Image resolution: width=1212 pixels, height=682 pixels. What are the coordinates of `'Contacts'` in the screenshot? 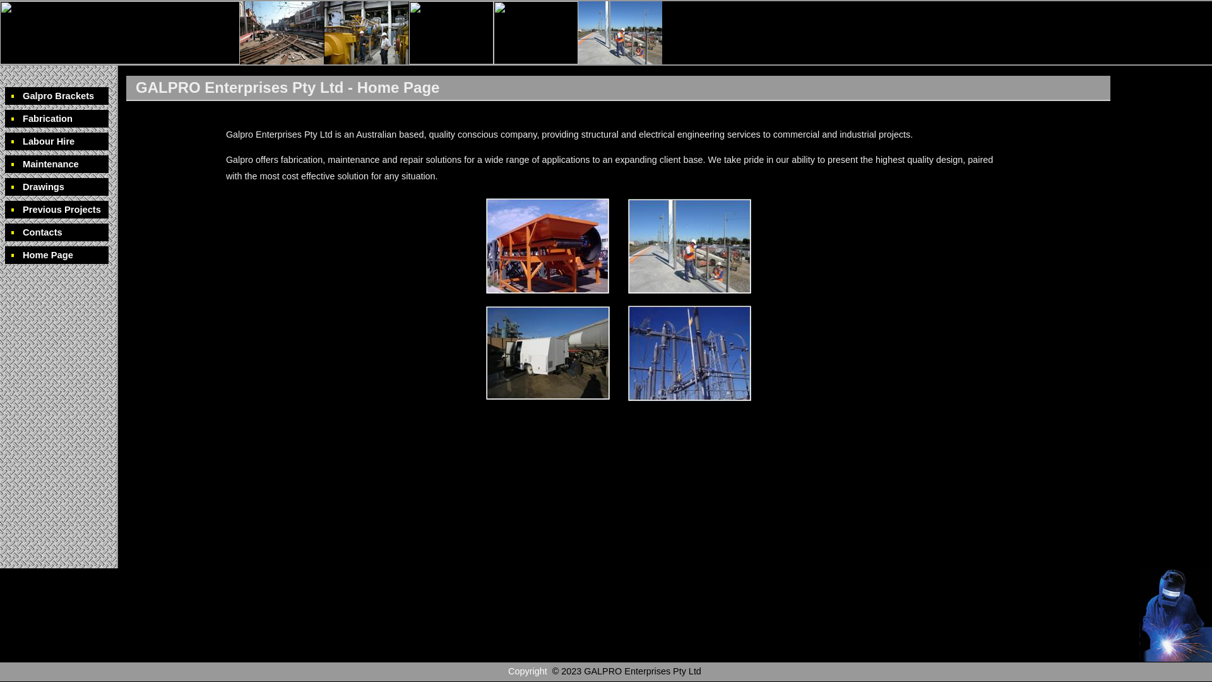 It's located at (5, 232).